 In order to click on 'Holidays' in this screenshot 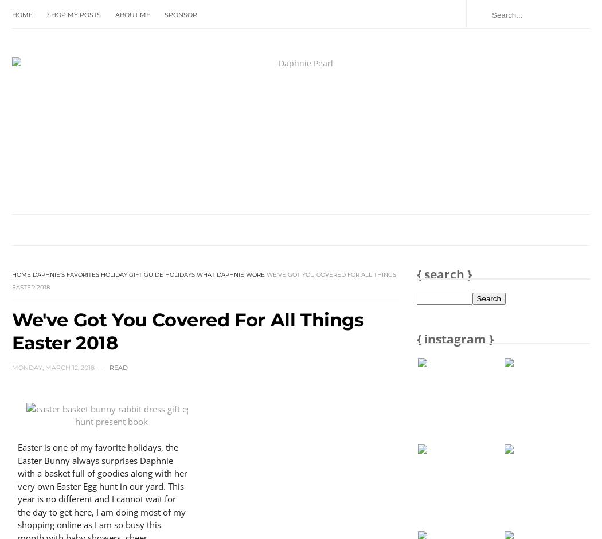, I will do `click(179, 273)`.